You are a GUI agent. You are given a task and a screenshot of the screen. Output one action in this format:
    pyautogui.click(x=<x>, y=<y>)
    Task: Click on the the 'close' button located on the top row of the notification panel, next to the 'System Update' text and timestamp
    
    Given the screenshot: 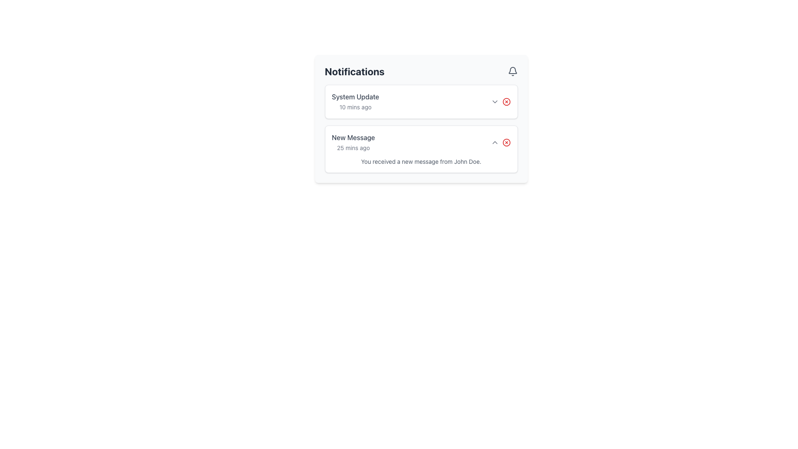 What is the action you would take?
    pyautogui.click(x=506, y=101)
    